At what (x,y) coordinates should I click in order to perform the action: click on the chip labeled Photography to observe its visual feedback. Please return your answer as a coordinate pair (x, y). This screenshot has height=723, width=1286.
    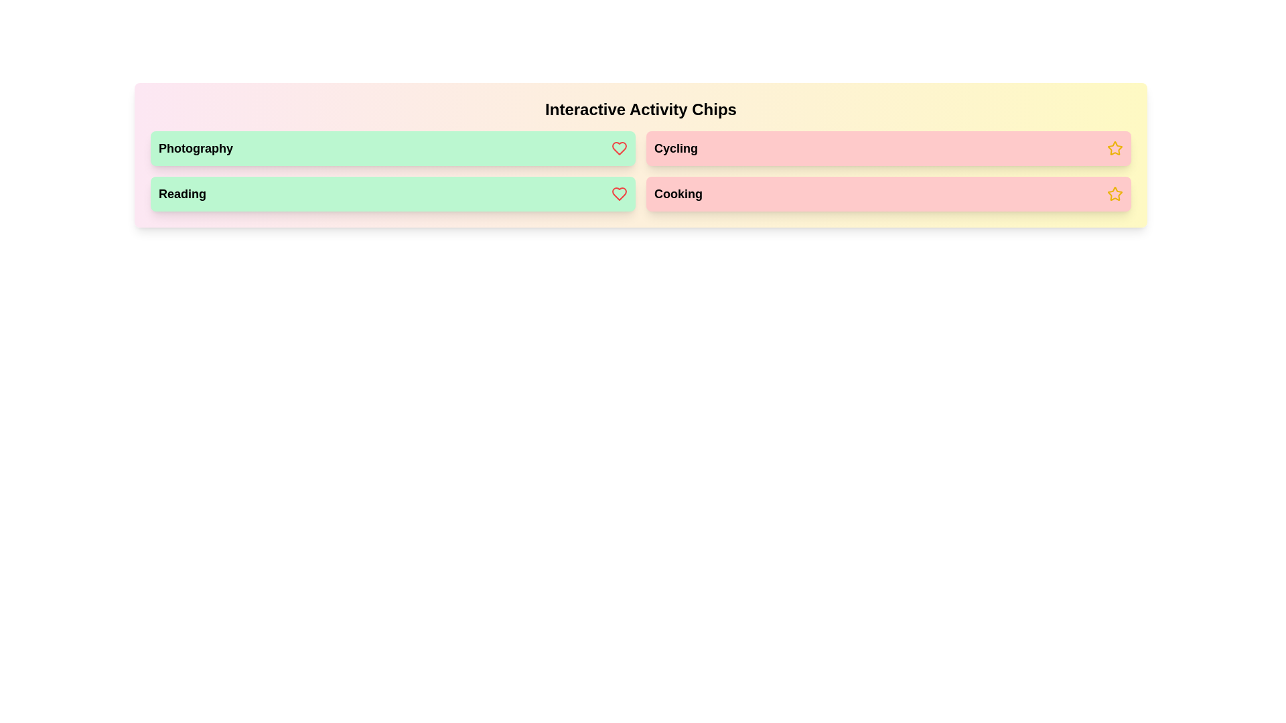
    Looking at the image, I should click on (392, 149).